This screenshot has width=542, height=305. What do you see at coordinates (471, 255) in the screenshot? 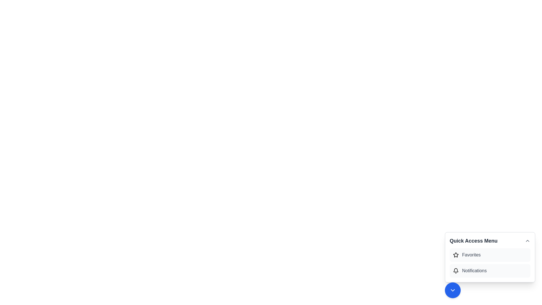
I see `the 'Favorites' label, which is a medium gray text label part of a menu list item, located to the right of a star icon` at bounding box center [471, 255].